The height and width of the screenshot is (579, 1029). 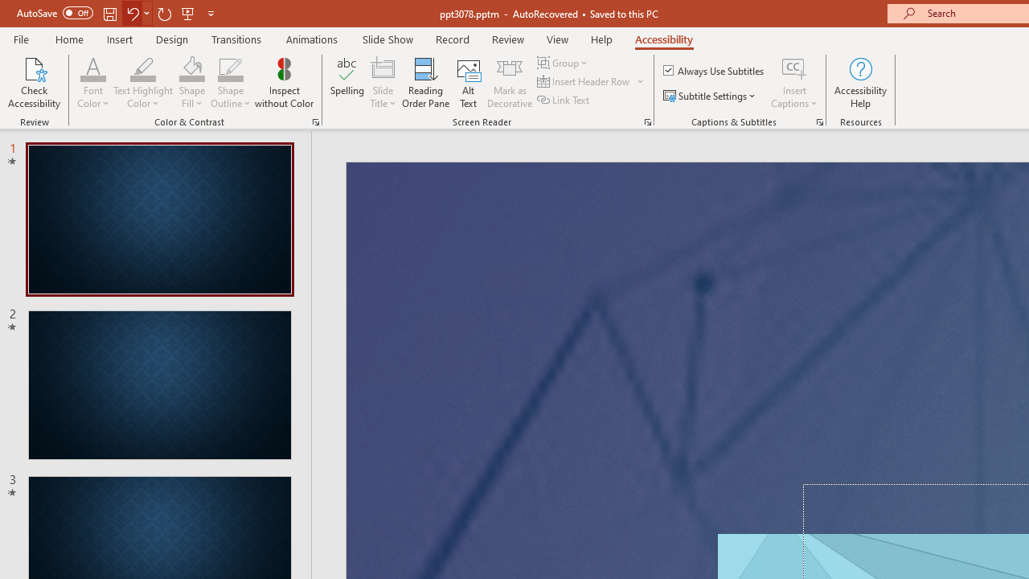 I want to click on 'Insert Captions', so click(x=794, y=68).